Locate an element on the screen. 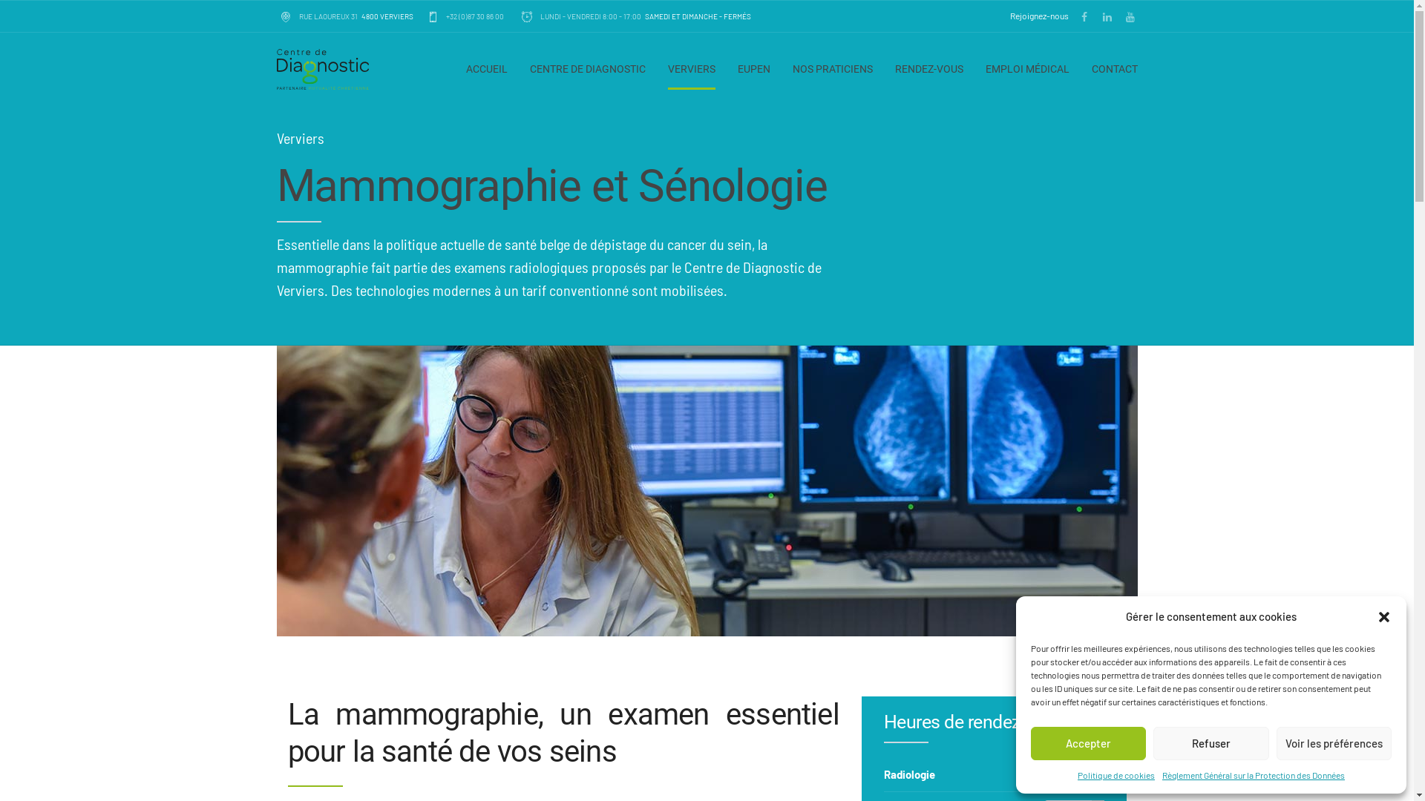 The width and height of the screenshot is (1425, 801). 'Politique de cookies' is located at coordinates (1116, 774).